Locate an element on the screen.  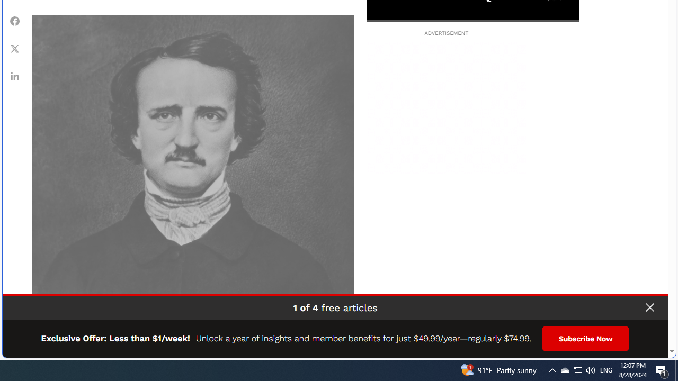
'Portrait of Edgar Allan Poe.' is located at coordinates (193, 175).